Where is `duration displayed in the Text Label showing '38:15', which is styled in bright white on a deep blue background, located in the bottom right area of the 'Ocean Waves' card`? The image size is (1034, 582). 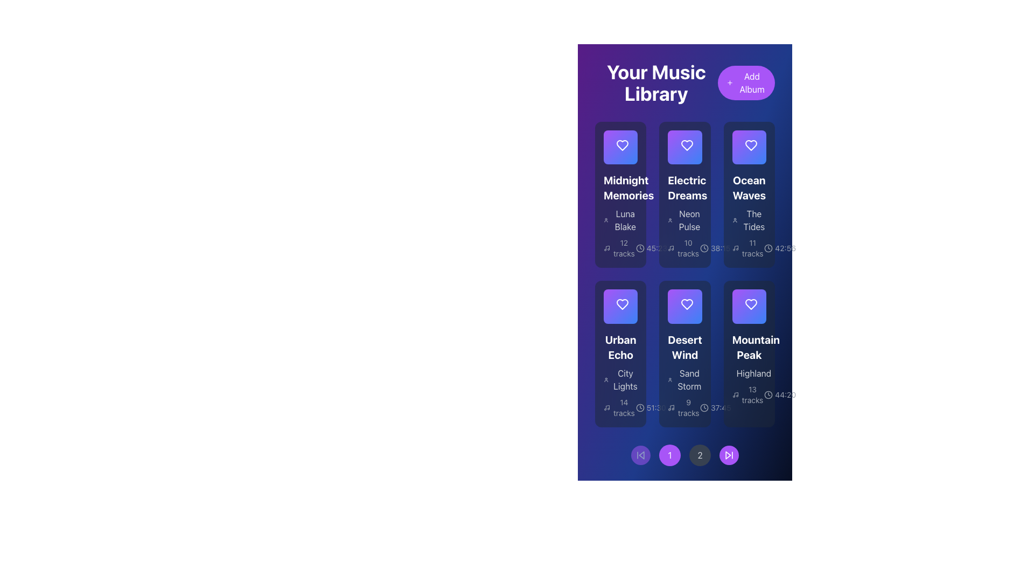
duration displayed in the Text Label showing '38:15', which is styled in bright white on a deep blue background, located in the bottom right area of the 'Ocean Waves' card is located at coordinates (721, 248).